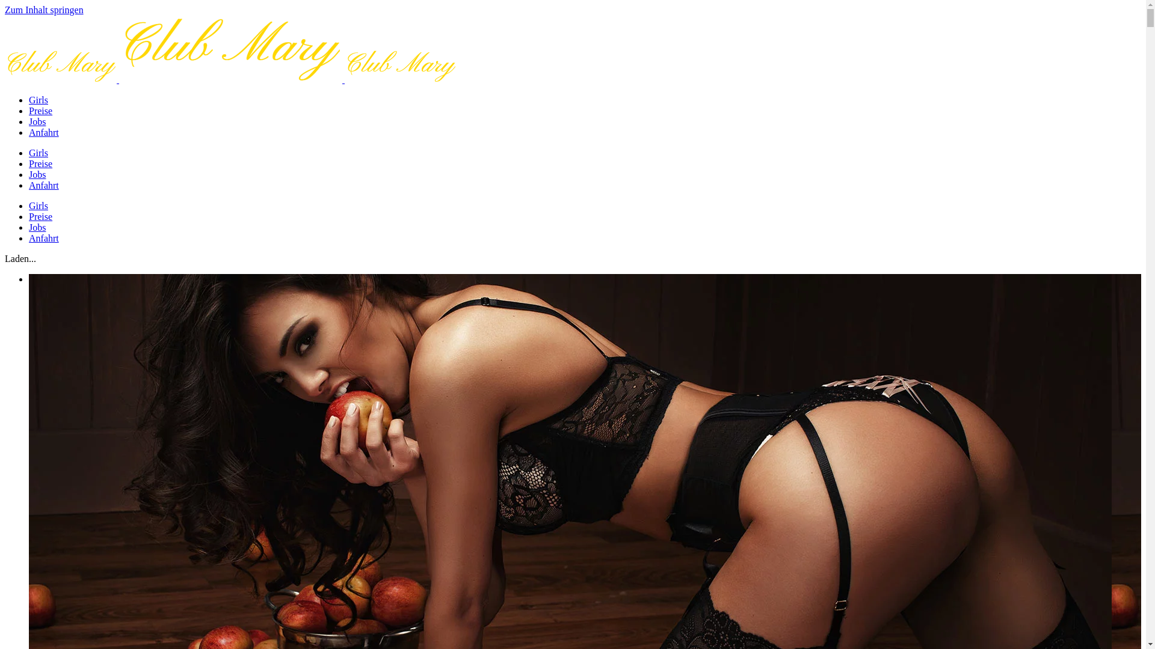 This screenshot has height=649, width=1155. I want to click on 'Preise', so click(40, 216).